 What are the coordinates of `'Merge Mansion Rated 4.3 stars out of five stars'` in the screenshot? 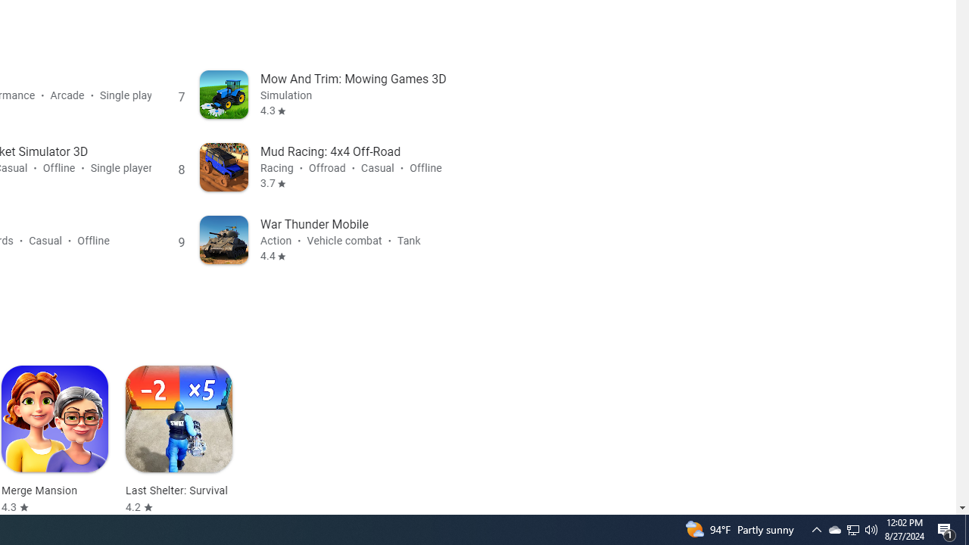 It's located at (55, 440).